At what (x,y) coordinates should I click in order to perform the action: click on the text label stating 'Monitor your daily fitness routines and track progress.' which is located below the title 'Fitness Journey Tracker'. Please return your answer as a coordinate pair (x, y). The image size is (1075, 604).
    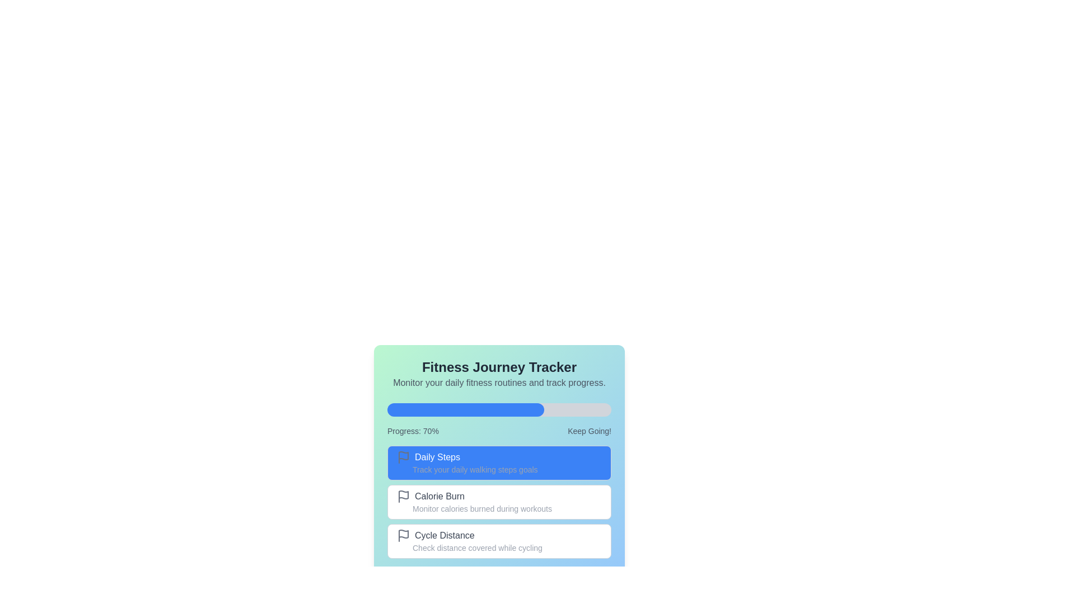
    Looking at the image, I should click on (499, 383).